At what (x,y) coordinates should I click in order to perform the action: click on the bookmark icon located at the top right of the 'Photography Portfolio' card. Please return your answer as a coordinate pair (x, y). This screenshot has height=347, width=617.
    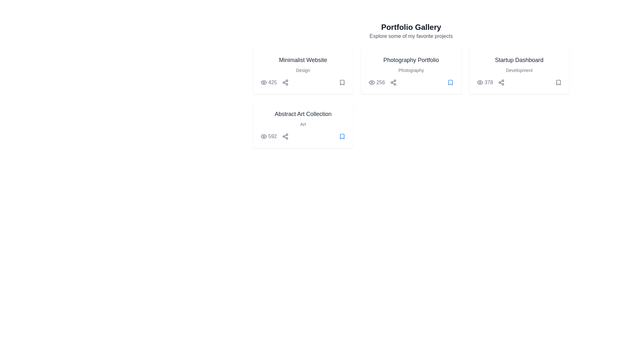
    Looking at the image, I should click on (450, 82).